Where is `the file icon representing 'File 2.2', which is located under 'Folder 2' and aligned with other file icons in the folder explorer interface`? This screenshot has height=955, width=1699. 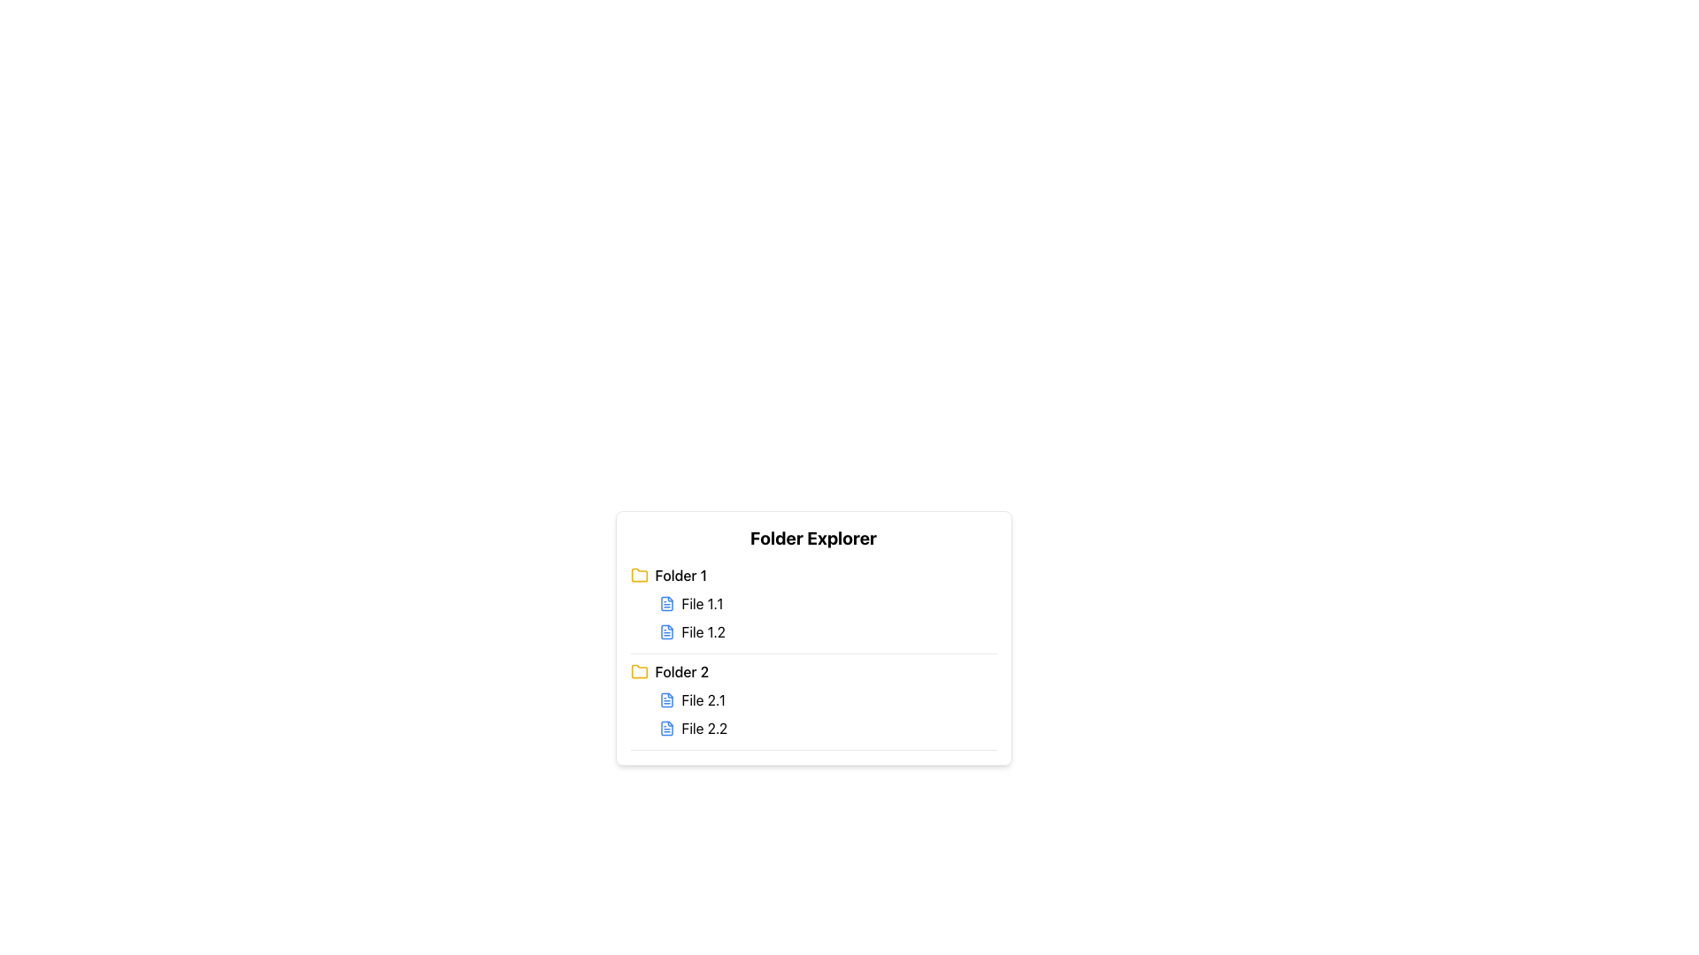
the file icon representing 'File 2.2', which is located under 'Folder 2' and aligned with other file icons in the folder explorer interface is located at coordinates (665, 729).